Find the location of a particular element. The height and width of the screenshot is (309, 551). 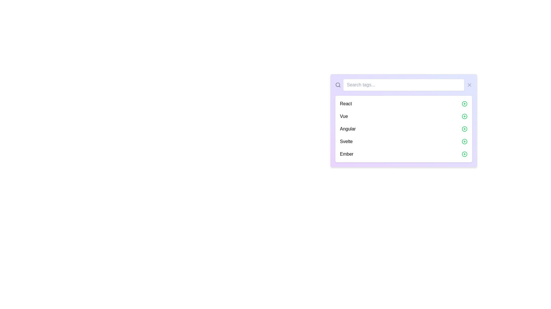

the circular green button with a plus sign is located at coordinates (464, 116).